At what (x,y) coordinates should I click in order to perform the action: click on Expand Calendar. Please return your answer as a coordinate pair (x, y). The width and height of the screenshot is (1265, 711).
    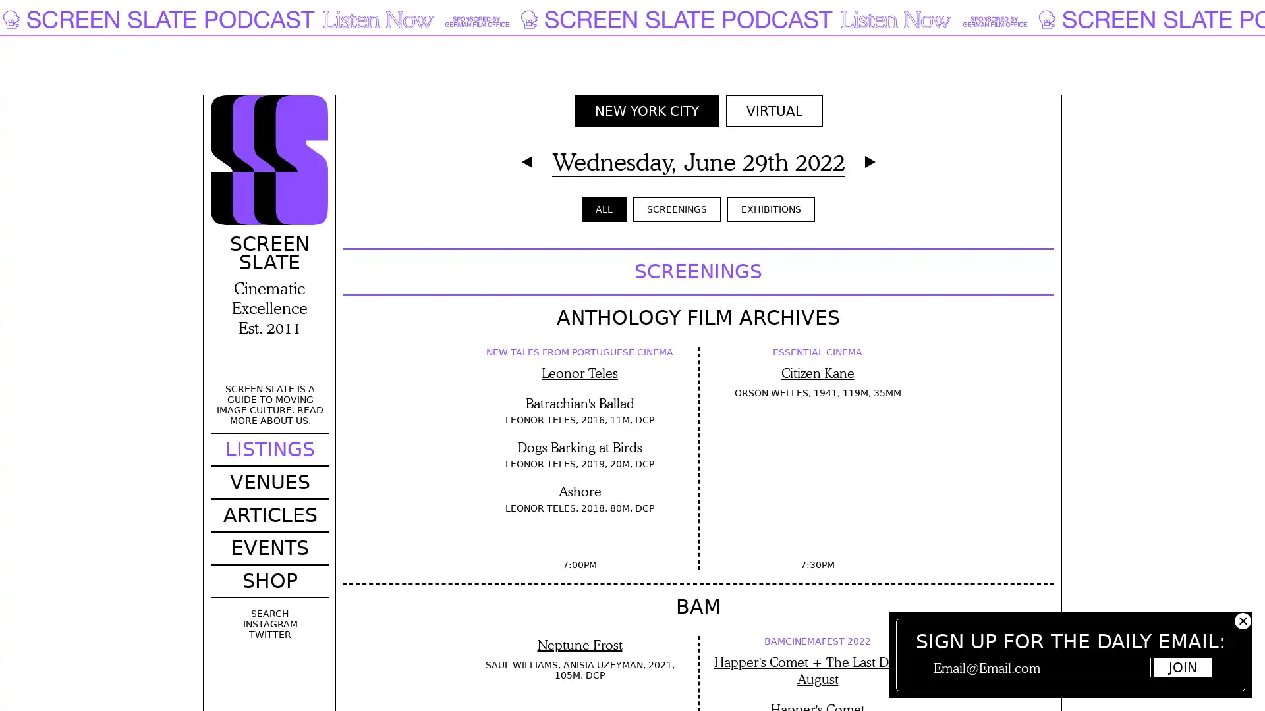
    Looking at the image, I should click on (697, 161).